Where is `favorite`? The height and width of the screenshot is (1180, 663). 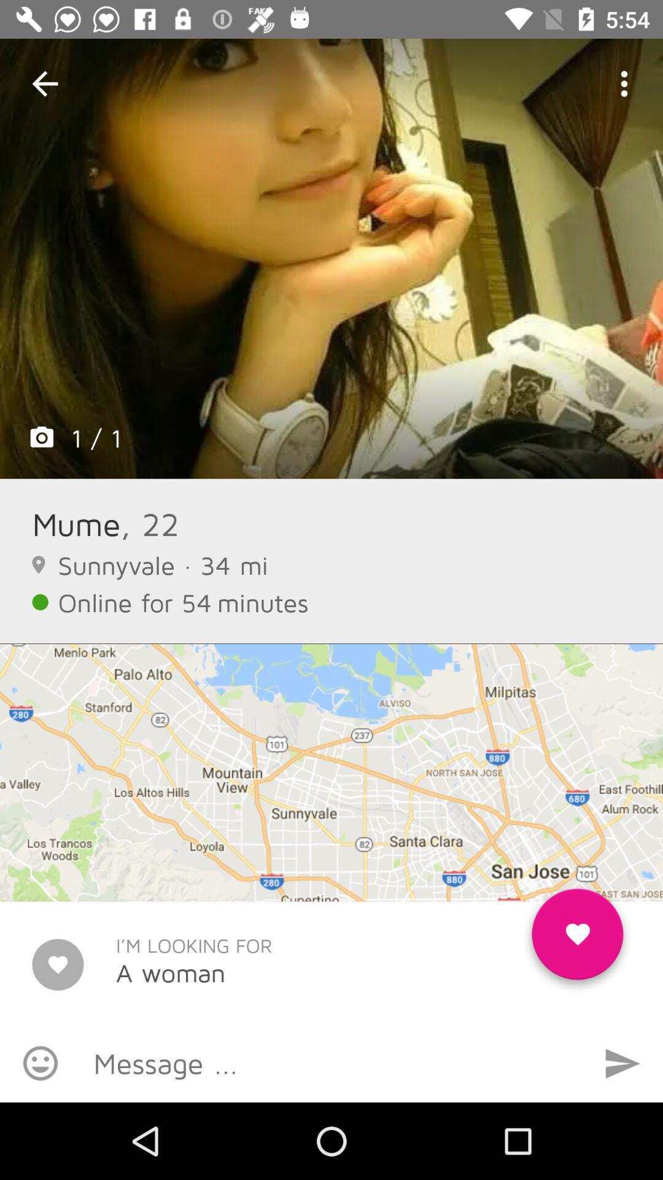 favorite is located at coordinates (577, 938).